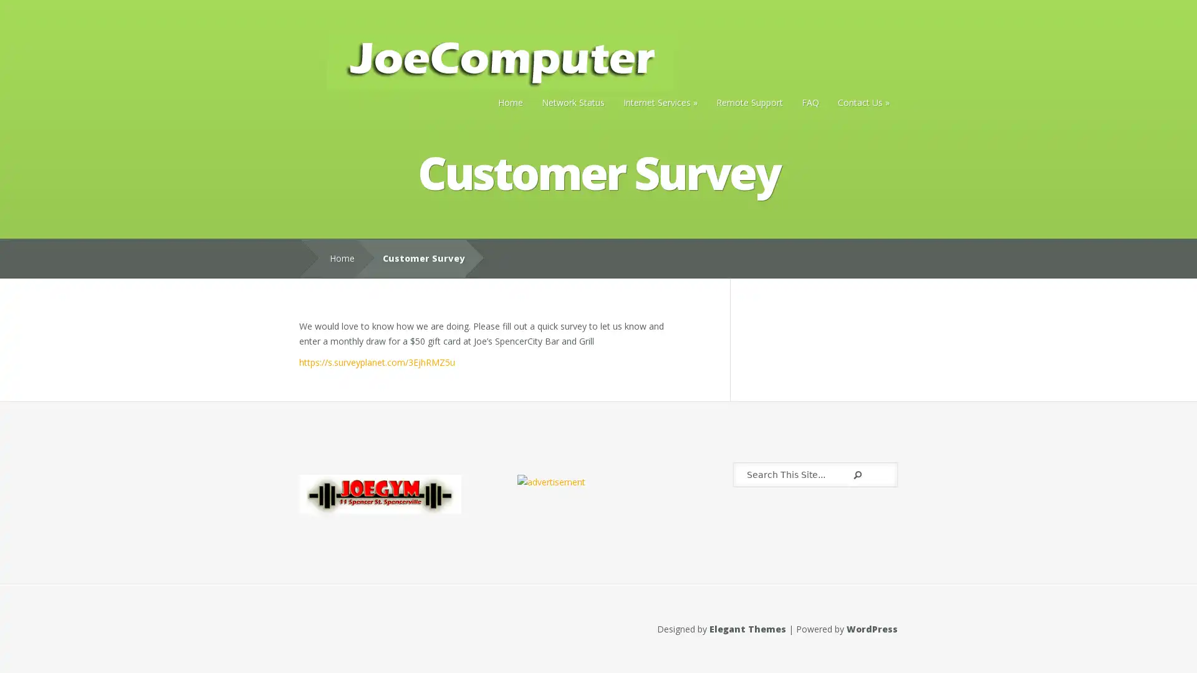 This screenshot has height=673, width=1197. What do you see at coordinates (857, 475) in the screenshot?
I see `Submit` at bounding box center [857, 475].